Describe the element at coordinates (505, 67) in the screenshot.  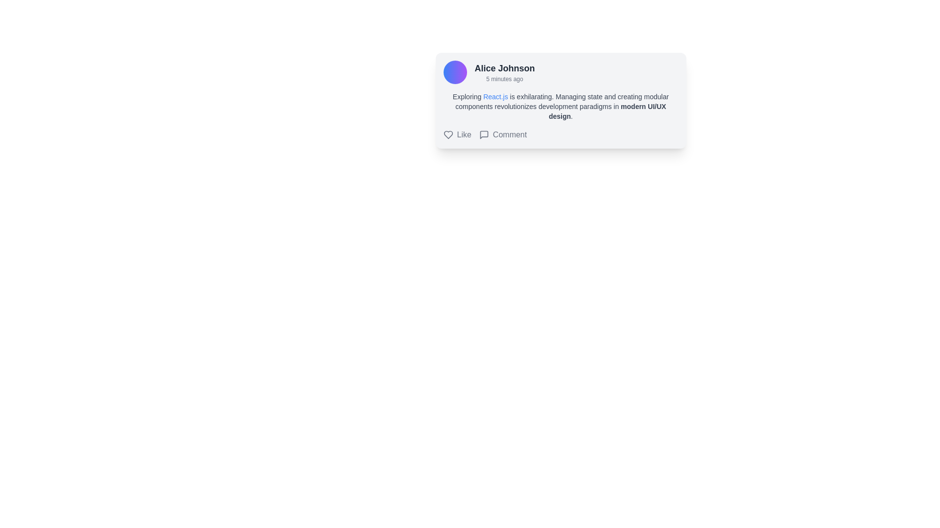
I see `the bolded text label reading 'Alice Johnson' located at the top-left corner of the card interface` at that location.